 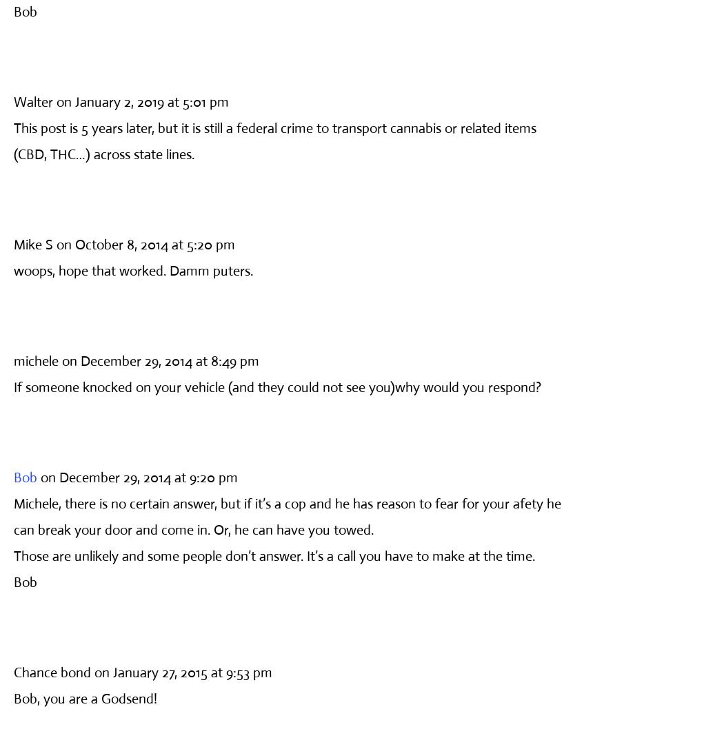 I want to click on 'This post is 5 years later, but it is still a federal crime to transport cannabis or related items (CBD, THC…) across state lines.', so click(x=275, y=141).